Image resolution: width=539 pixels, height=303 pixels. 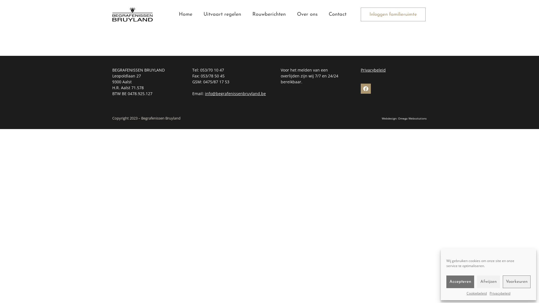 What do you see at coordinates (222, 14) in the screenshot?
I see `'Uitvaart regelen'` at bounding box center [222, 14].